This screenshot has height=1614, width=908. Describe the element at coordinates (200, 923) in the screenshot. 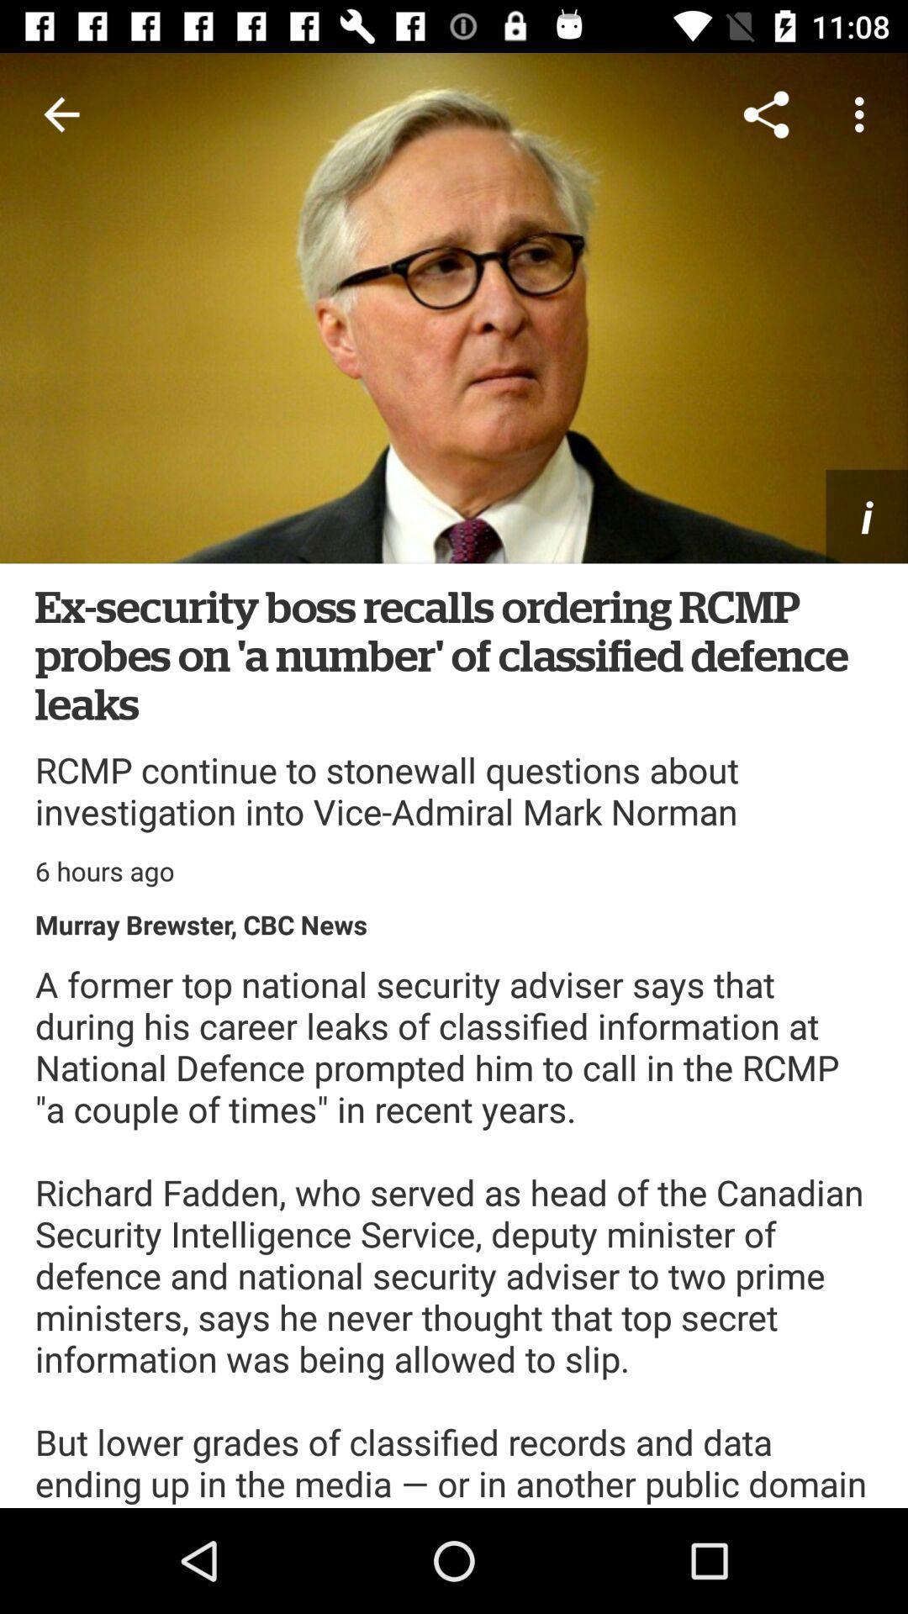

I see `murray brewster cbc item` at that location.